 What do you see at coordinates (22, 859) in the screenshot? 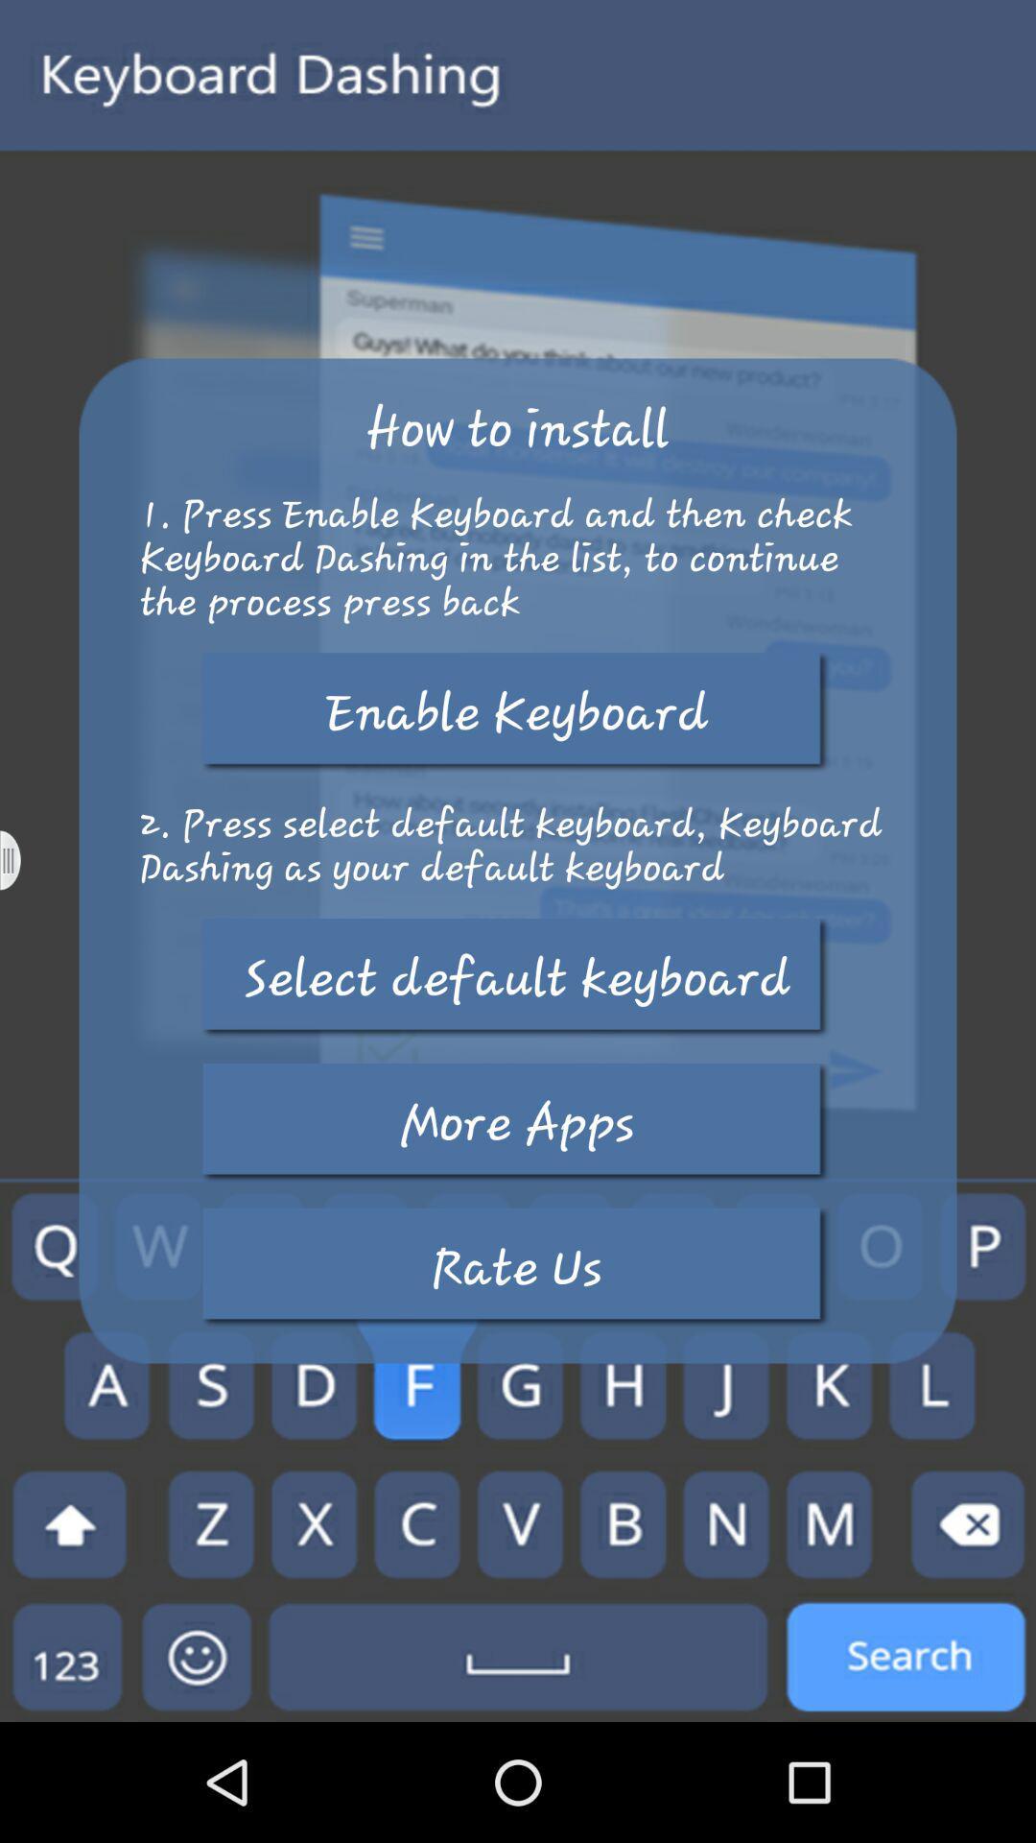
I see `option` at bounding box center [22, 859].